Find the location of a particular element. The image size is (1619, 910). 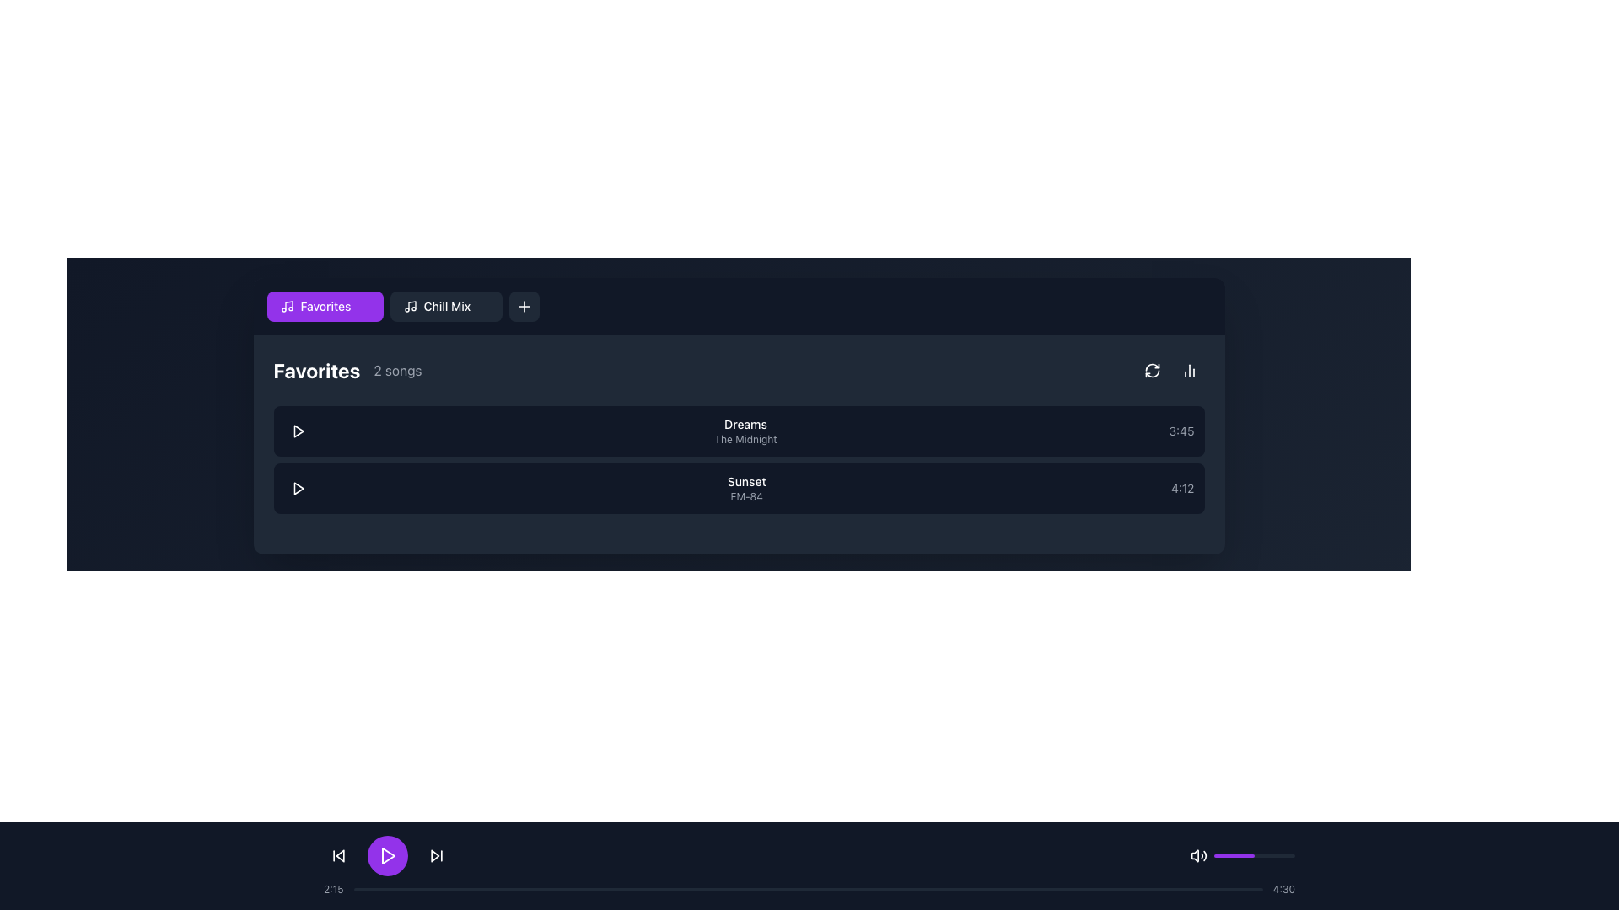

slider position is located at coordinates (1281, 855).